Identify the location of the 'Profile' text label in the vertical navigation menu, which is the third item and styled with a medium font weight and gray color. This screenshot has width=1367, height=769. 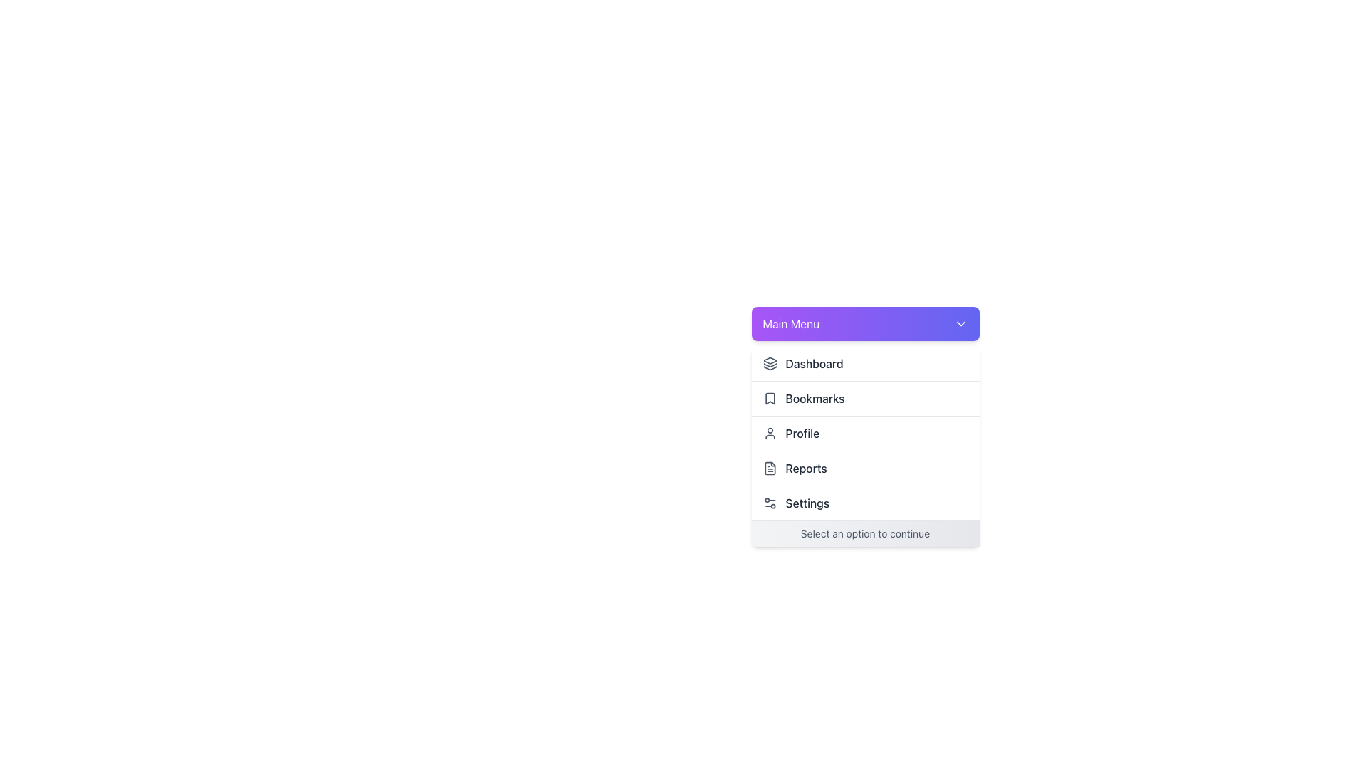
(802, 433).